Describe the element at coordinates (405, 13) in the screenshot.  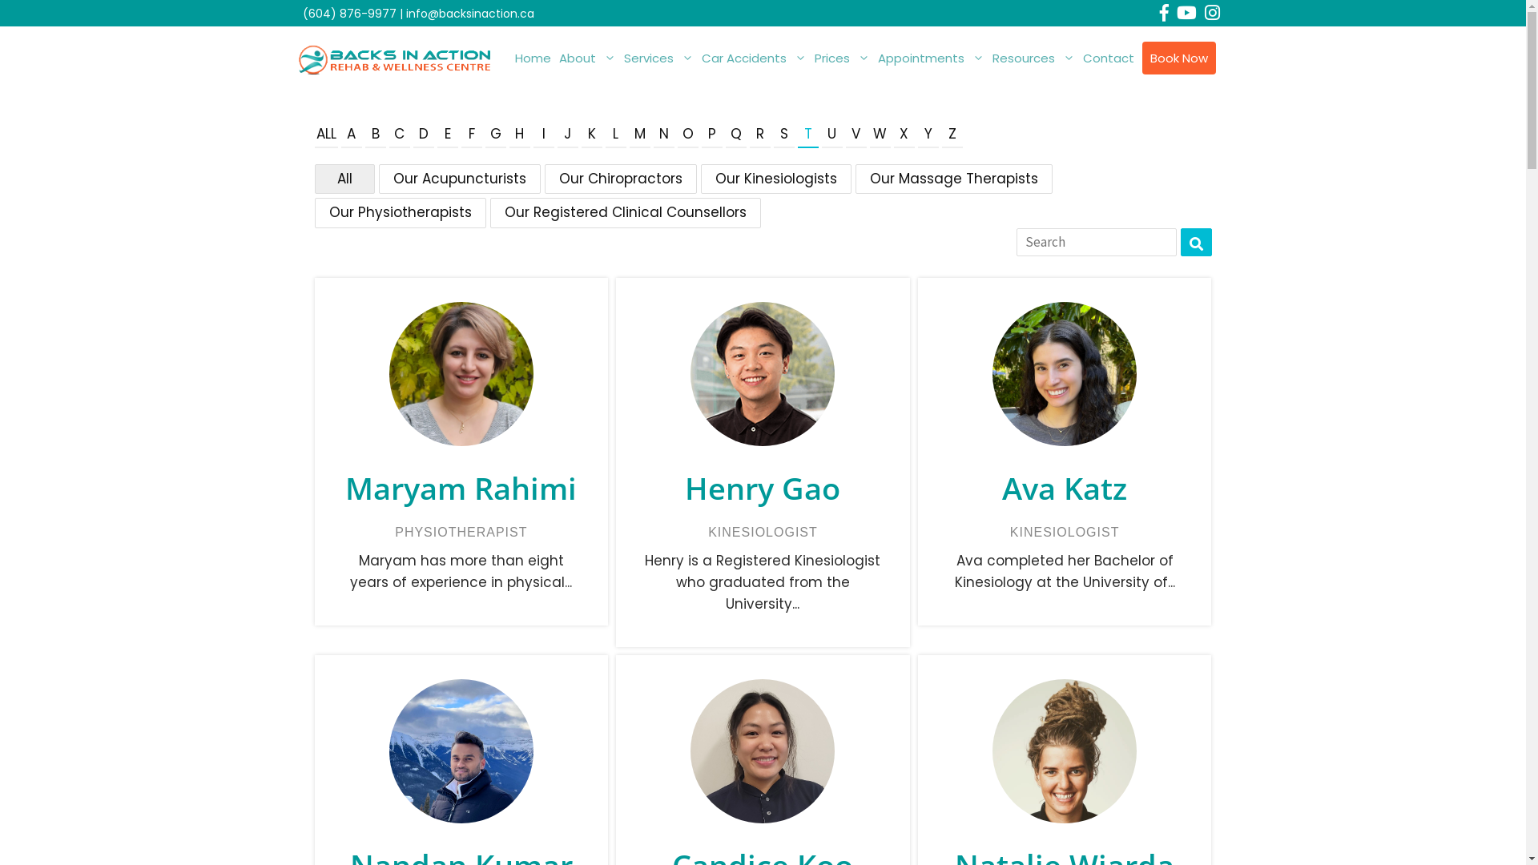
I see `'info@backsinaction.ca'` at that location.